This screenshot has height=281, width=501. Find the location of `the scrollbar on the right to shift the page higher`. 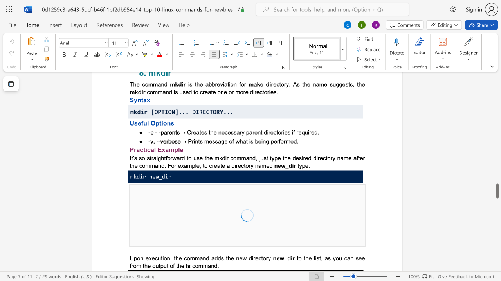

the scrollbar on the right to shift the page higher is located at coordinates (497, 124).